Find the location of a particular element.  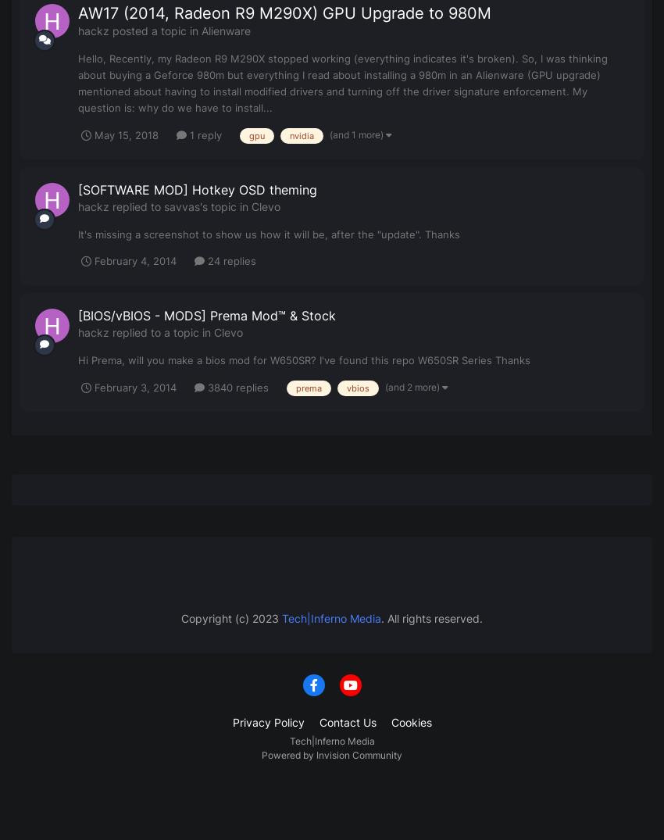

'. All rights reserved.' is located at coordinates (431, 617).